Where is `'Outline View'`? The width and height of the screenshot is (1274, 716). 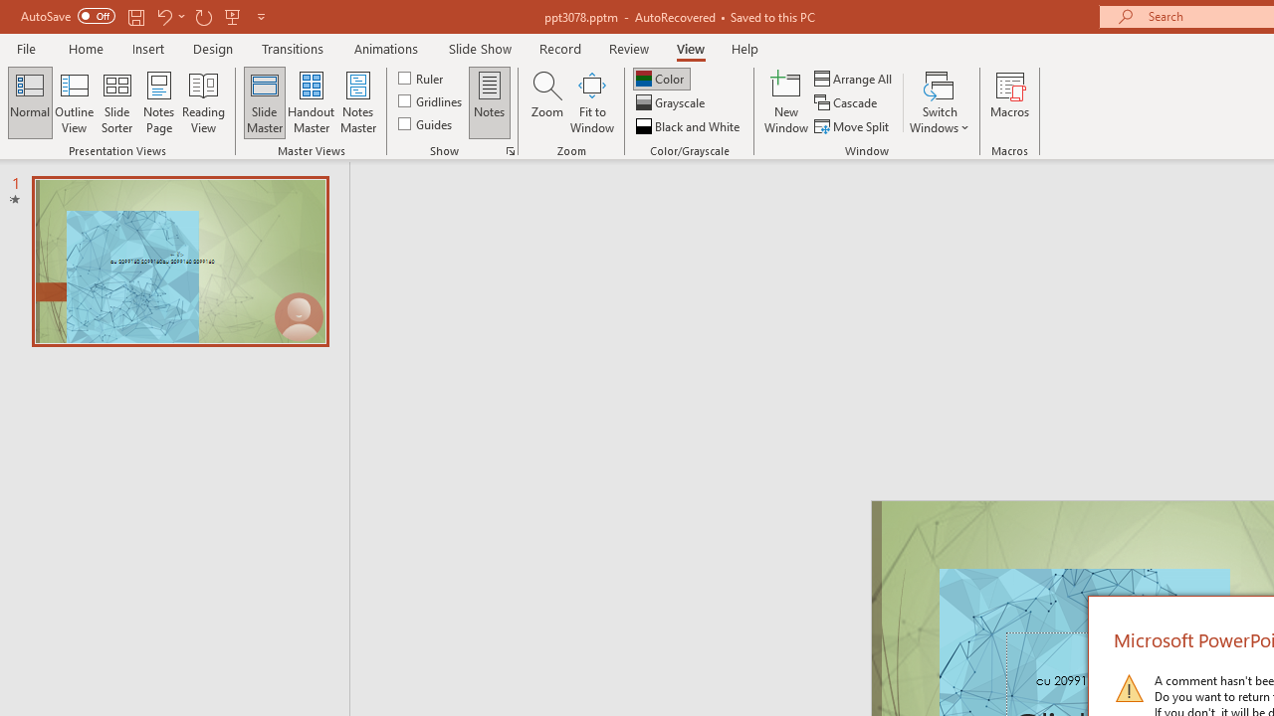 'Outline View' is located at coordinates (74, 102).